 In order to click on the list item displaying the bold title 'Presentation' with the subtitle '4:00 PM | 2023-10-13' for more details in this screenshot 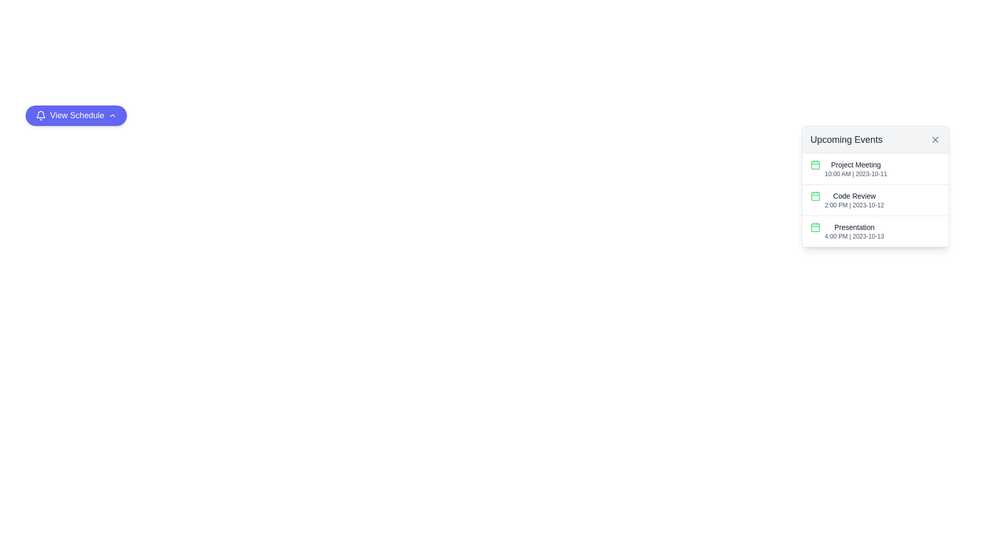, I will do `click(854, 231)`.